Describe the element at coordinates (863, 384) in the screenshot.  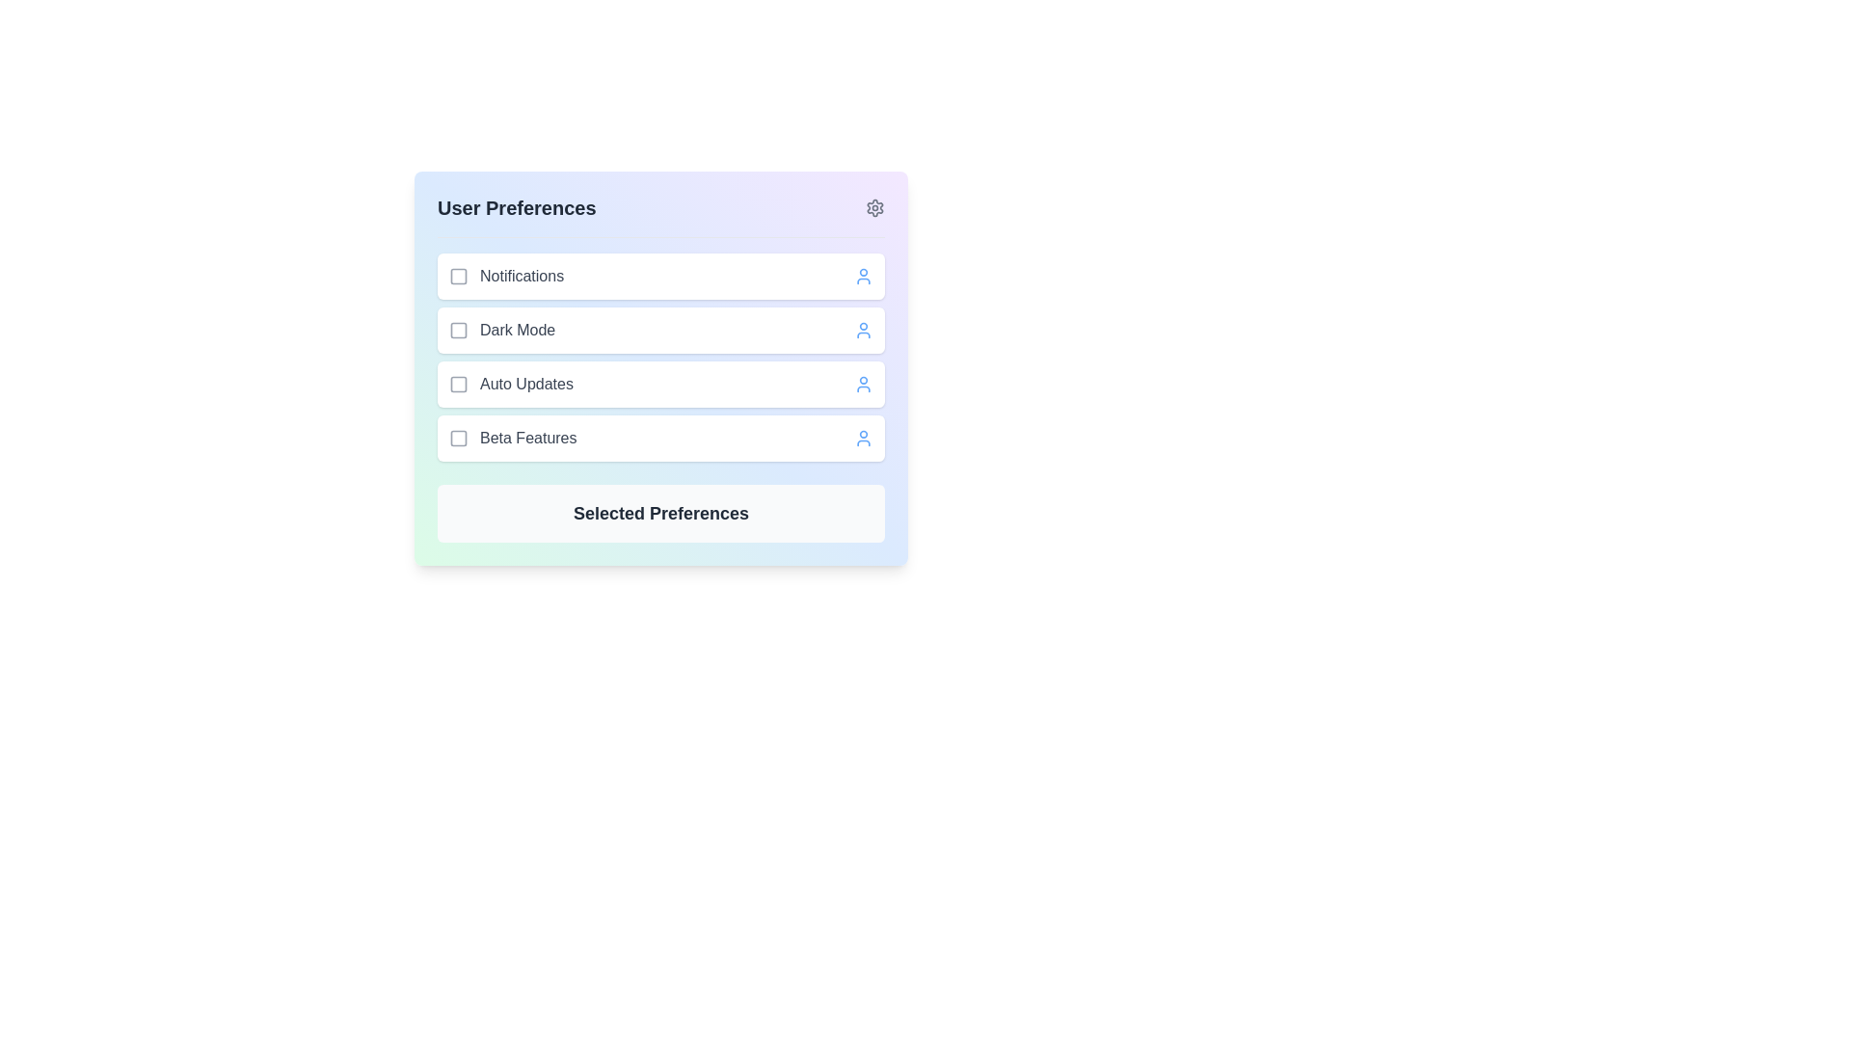
I see `the user silhouette icon styled in blue, located next to the 'Auto Updates' text` at that location.